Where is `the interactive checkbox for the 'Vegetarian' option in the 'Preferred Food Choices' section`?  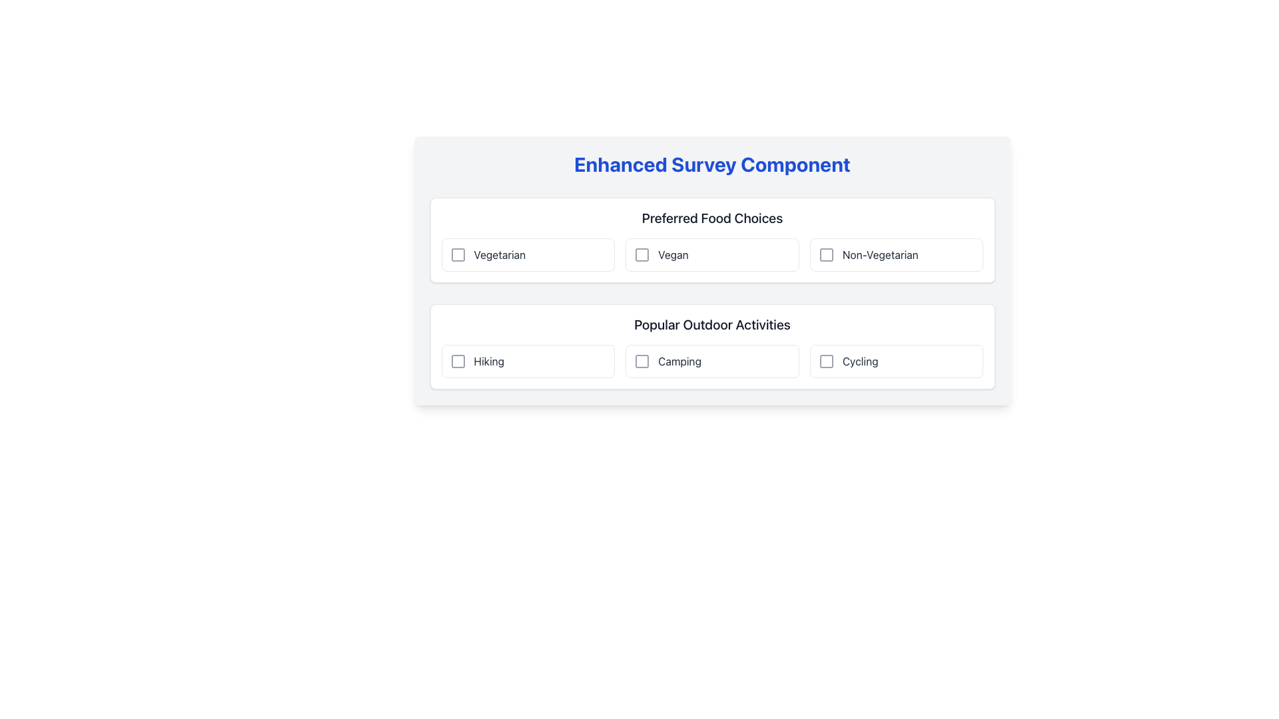 the interactive checkbox for the 'Vegetarian' option in the 'Preferred Food Choices' section is located at coordinates (458, 254).